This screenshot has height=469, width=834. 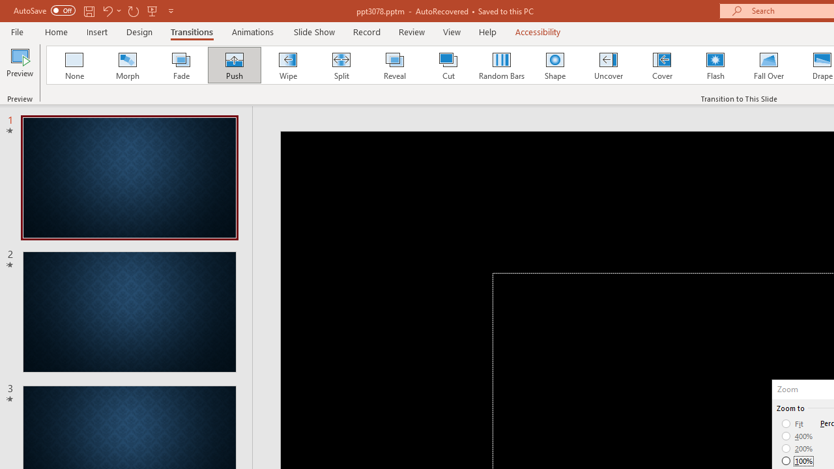 I want to click on 'None', so click(x=73, y=65).